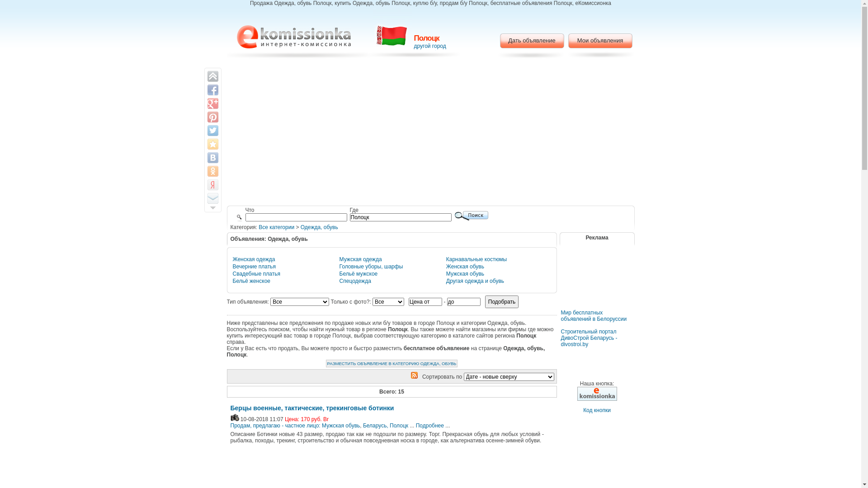  I want to click on 'Share on VK', so click(206, 157).